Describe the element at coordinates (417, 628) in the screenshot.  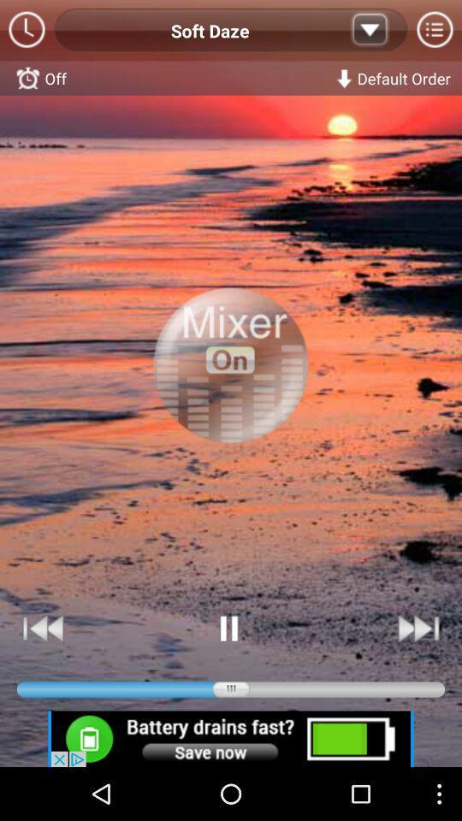
I see `next option` at that location.